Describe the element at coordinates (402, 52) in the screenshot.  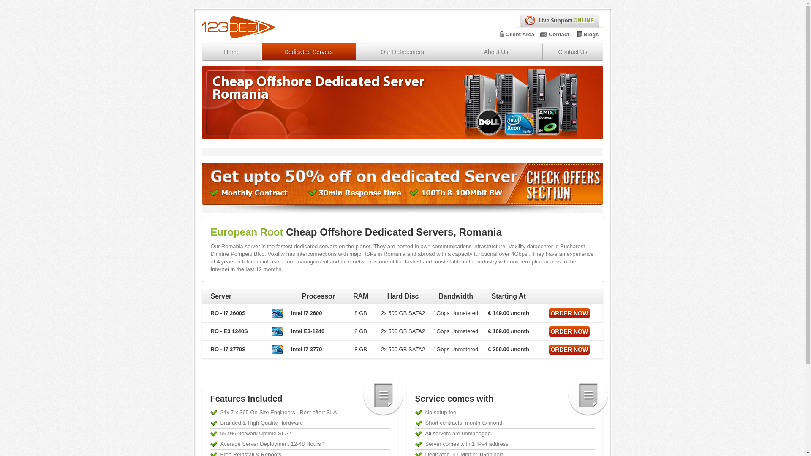
I see `'Our Datacenters'` at that location.